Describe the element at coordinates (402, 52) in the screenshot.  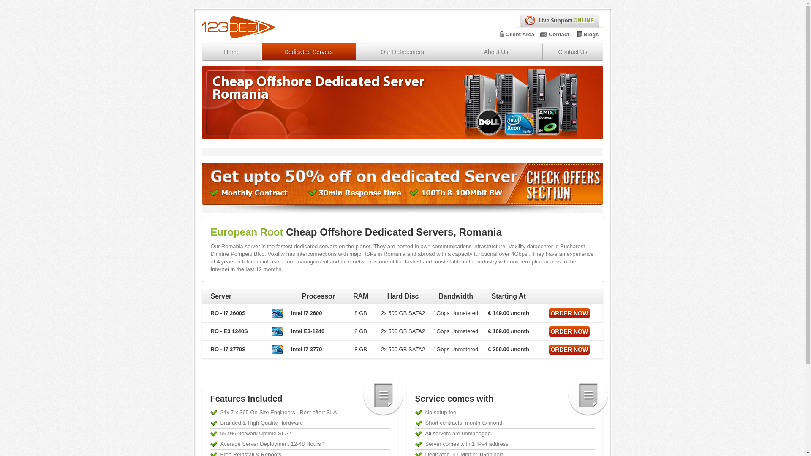
I see `'Our Datacenters'` at that location.